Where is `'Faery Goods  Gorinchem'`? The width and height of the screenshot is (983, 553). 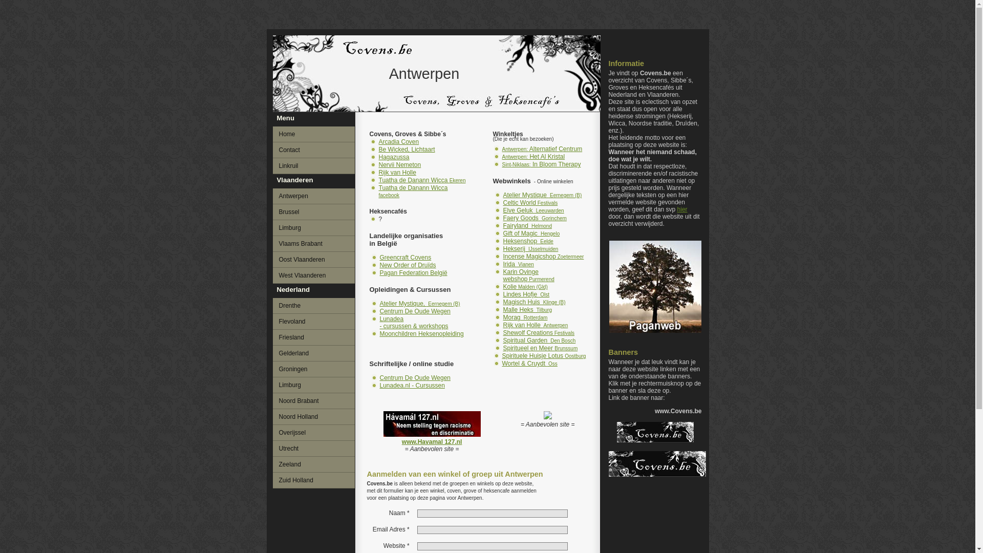
'Faery Goods  Gorinchem' is located at coordinates (533, 217).